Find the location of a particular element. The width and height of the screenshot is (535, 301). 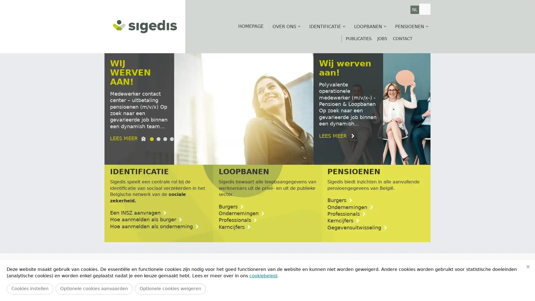

Cookies instellen is located at coordinates (30, 288).